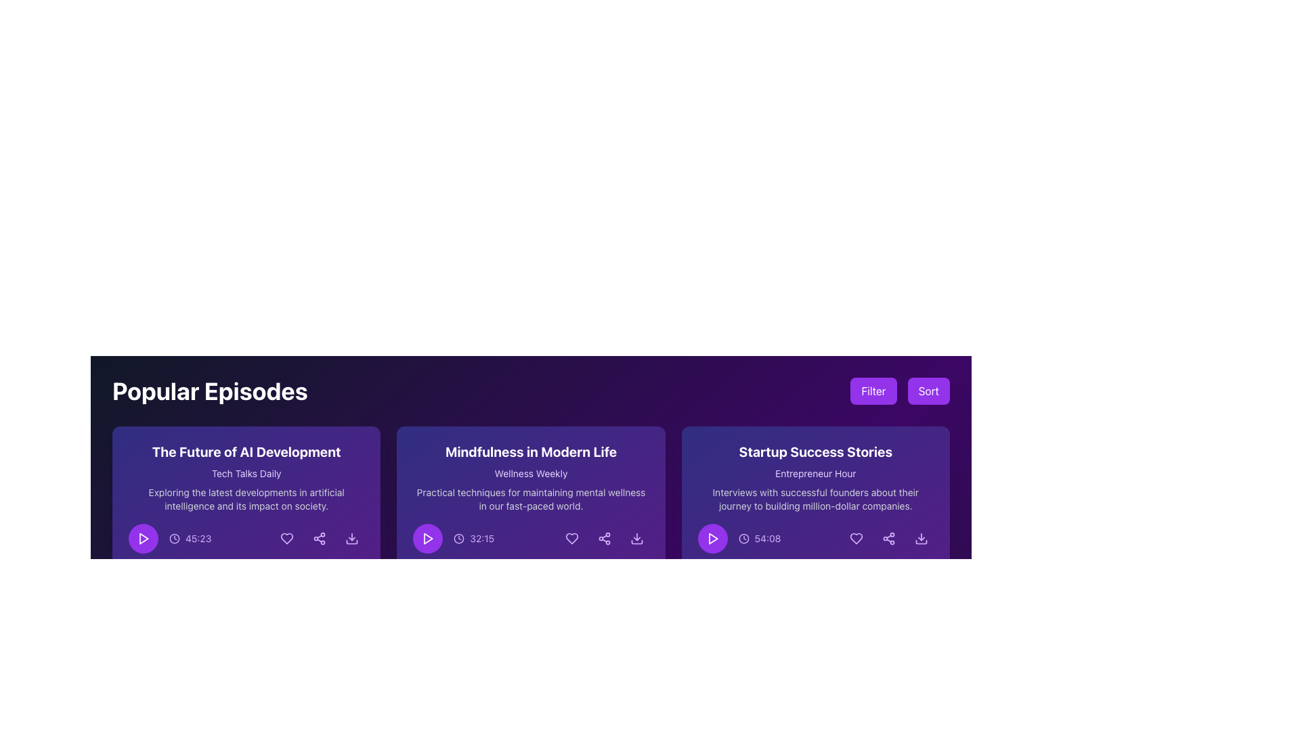  Describe the element at coordinates (856, 537) in the screenshot. I see `the heart icon, which is a filled purple icon located within the 'Startup Success Stories' card, positioned to the right of the play button and the duration text` at that location.